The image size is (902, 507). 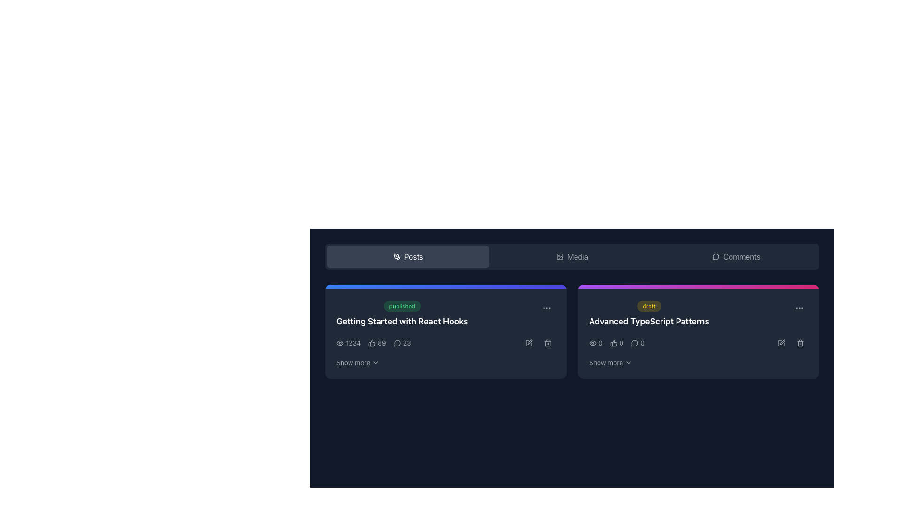 I want to click on the 'Comments' button, which features a speech bubble icon and a gray font color, located at the far right of the dark-themed navigation bar, so click(x=736, y=257).